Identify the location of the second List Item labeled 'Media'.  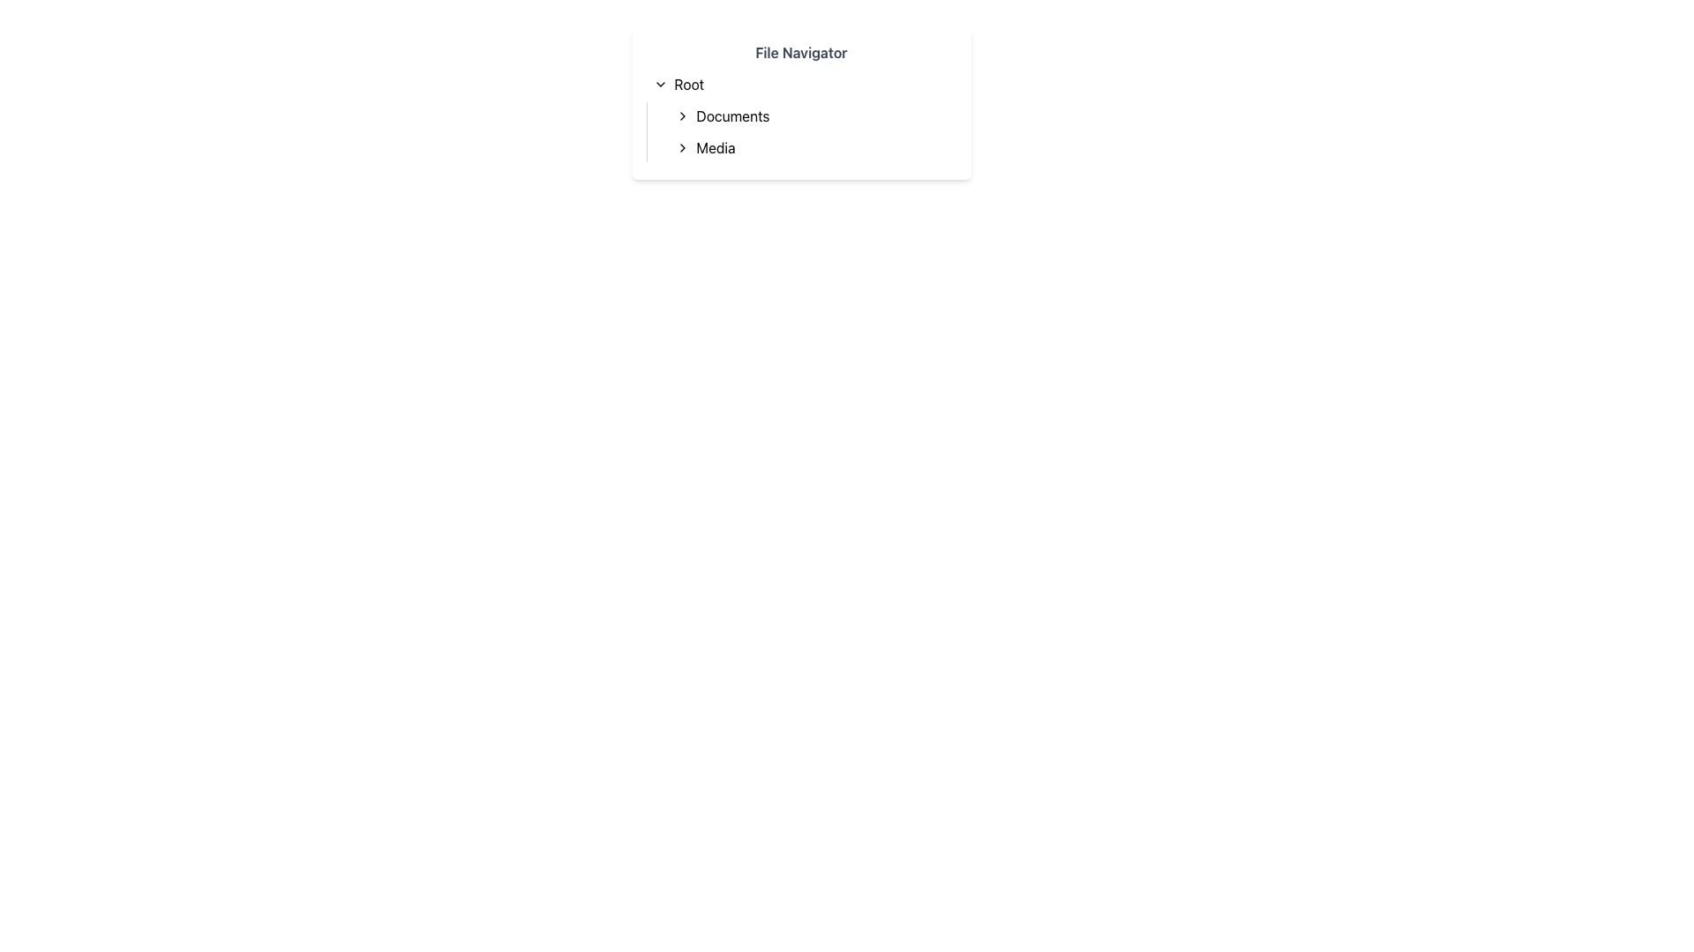
(812, 147).